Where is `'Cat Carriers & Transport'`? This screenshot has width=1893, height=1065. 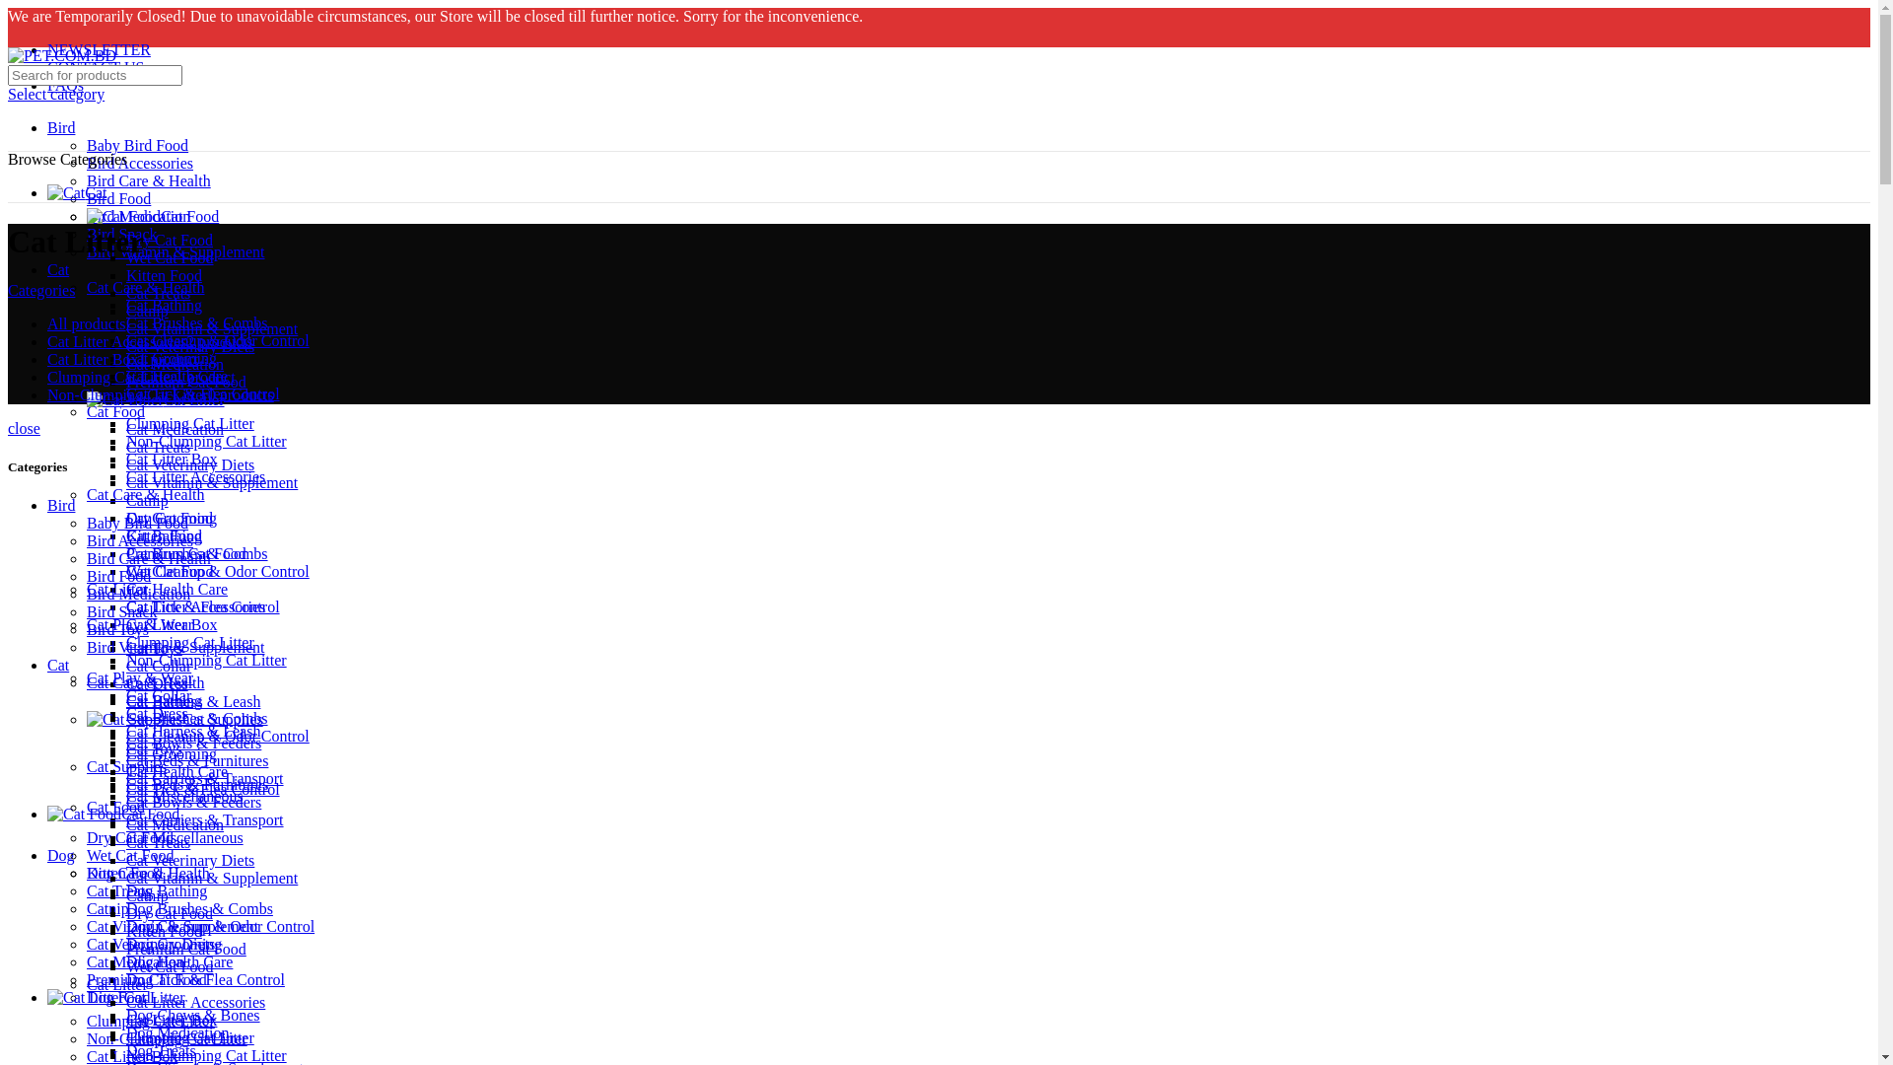 'Cat Carriers & Transport' is located at coordinates (125, 819).